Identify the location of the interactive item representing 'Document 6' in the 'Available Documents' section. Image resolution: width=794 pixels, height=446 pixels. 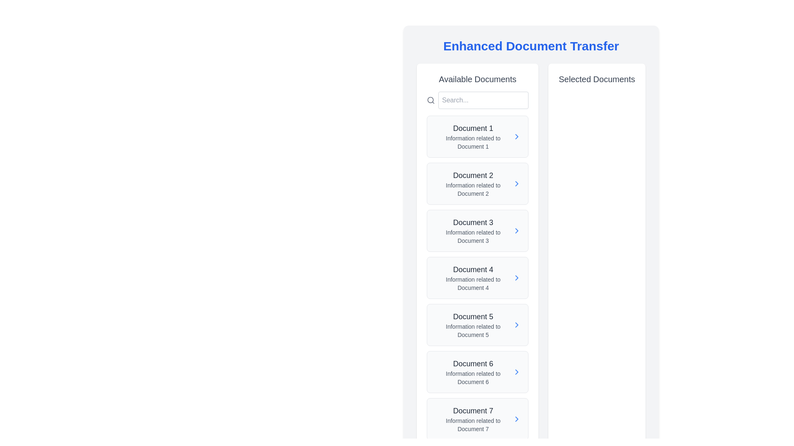
(478, 372).